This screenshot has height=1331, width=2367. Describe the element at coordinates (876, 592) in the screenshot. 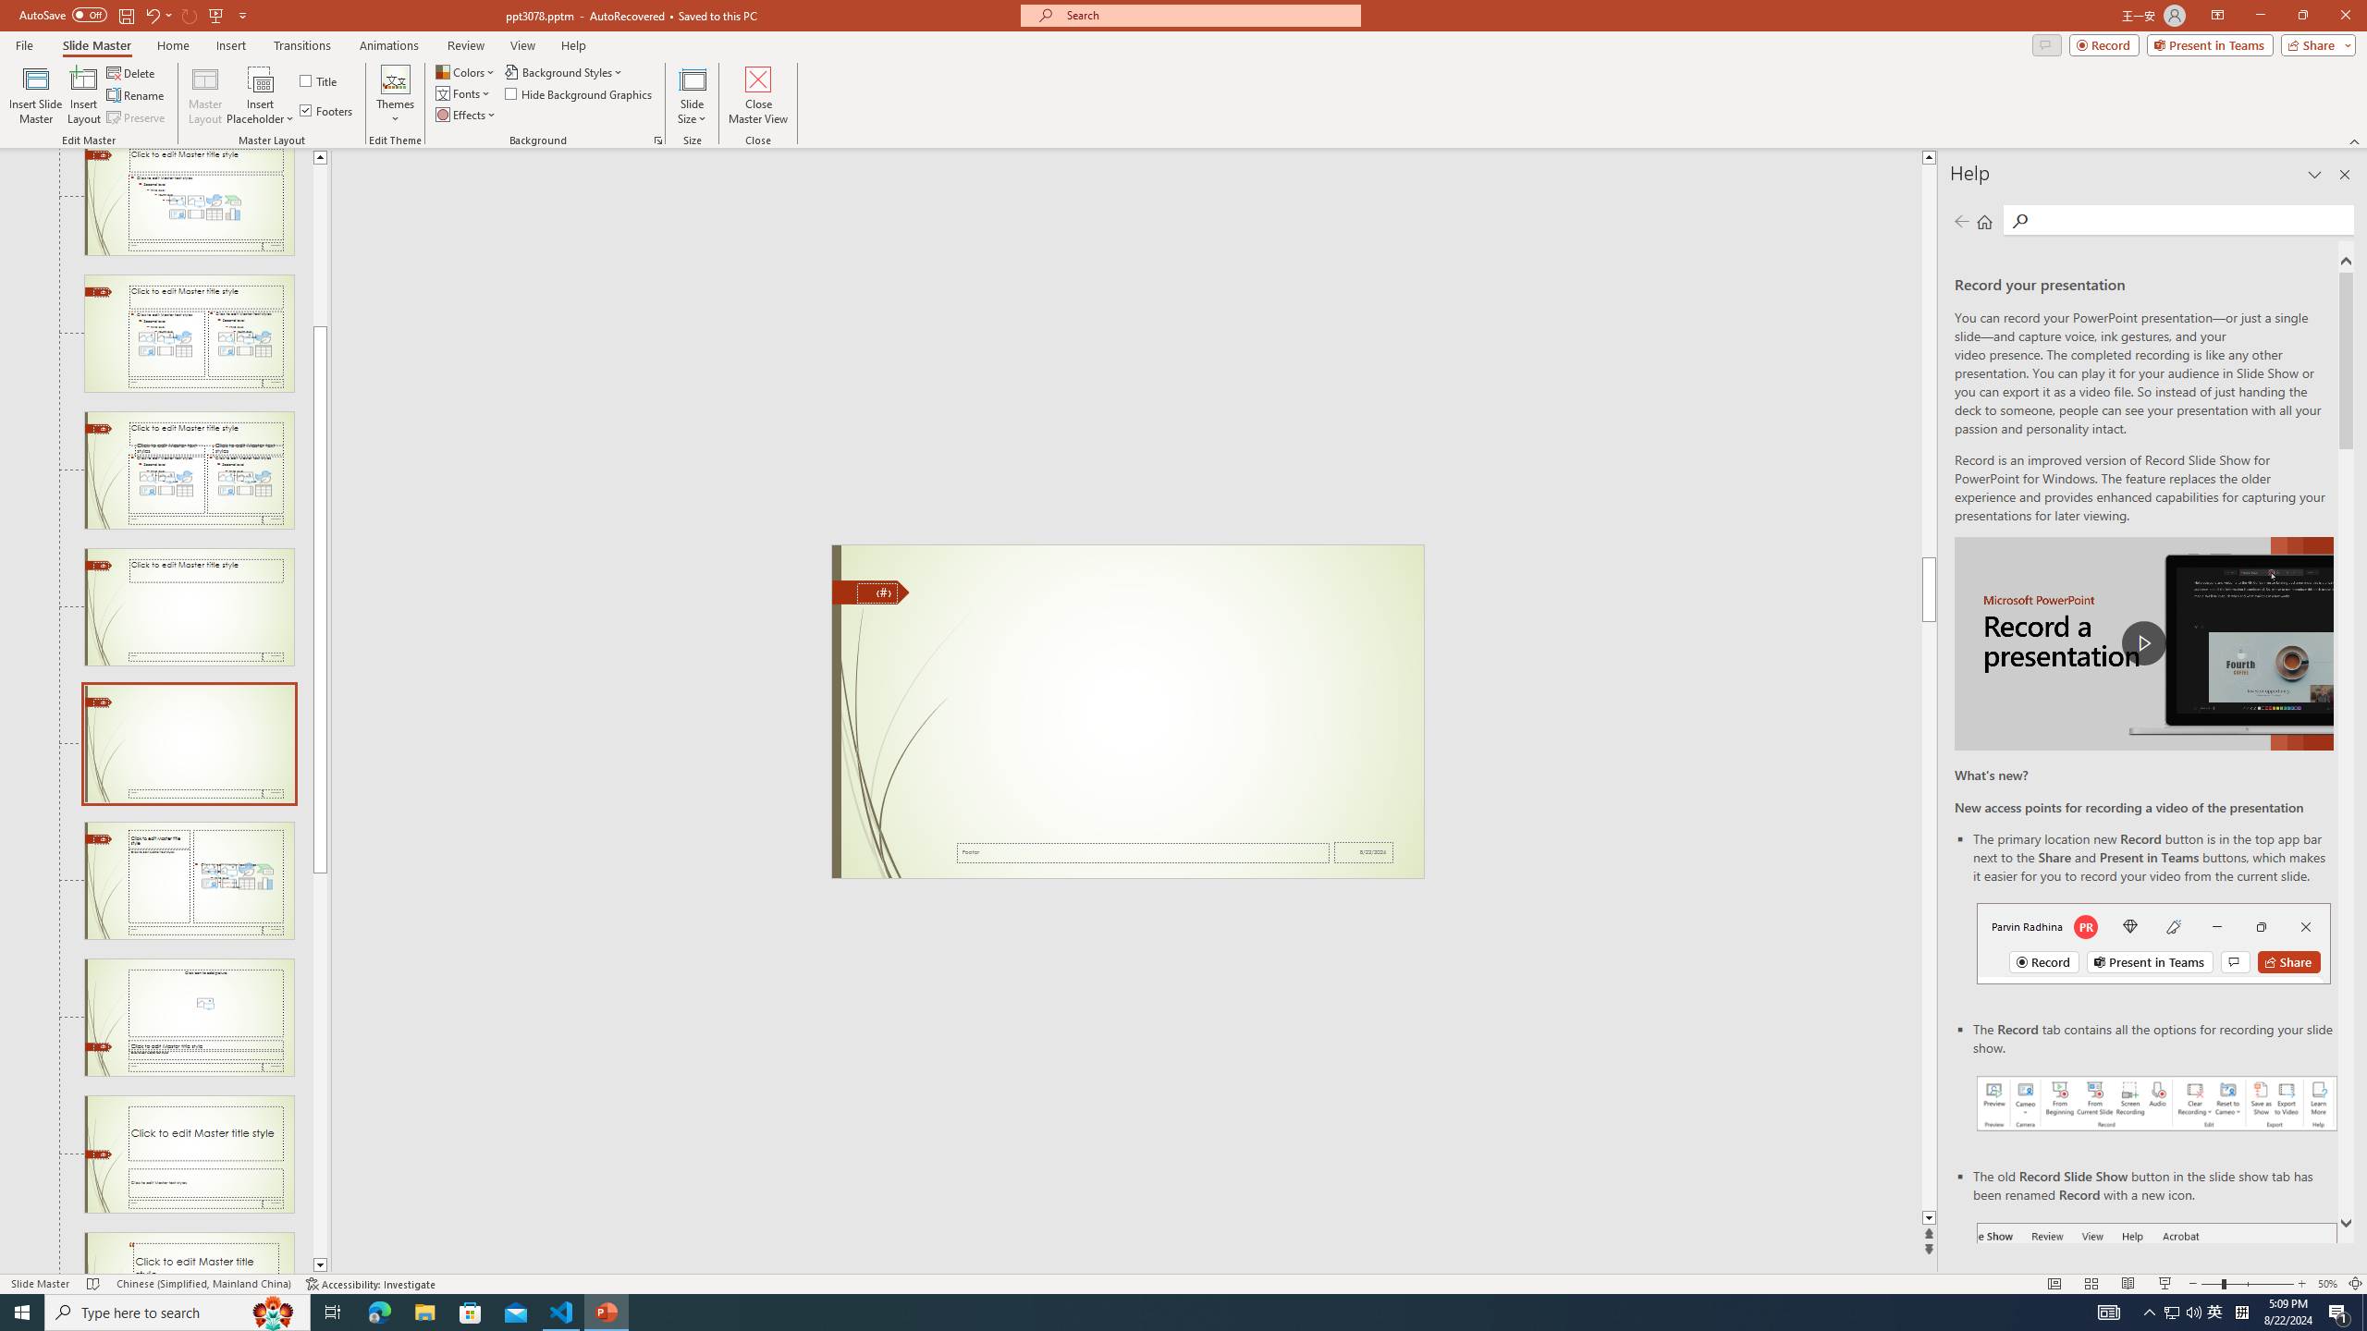

I see `'Slide Number'` at that location.